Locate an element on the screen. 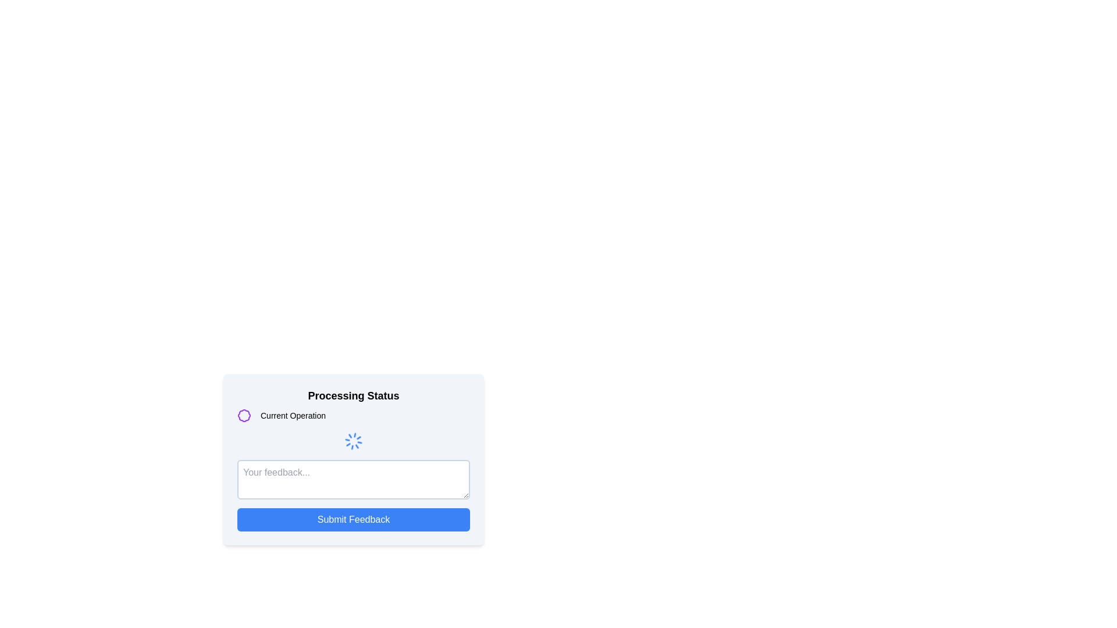 The image size is (1117, 628). the text label providing status information in the 'Processing Status' dialog box, located to the right of the icon is located at coordinates (293, 415).